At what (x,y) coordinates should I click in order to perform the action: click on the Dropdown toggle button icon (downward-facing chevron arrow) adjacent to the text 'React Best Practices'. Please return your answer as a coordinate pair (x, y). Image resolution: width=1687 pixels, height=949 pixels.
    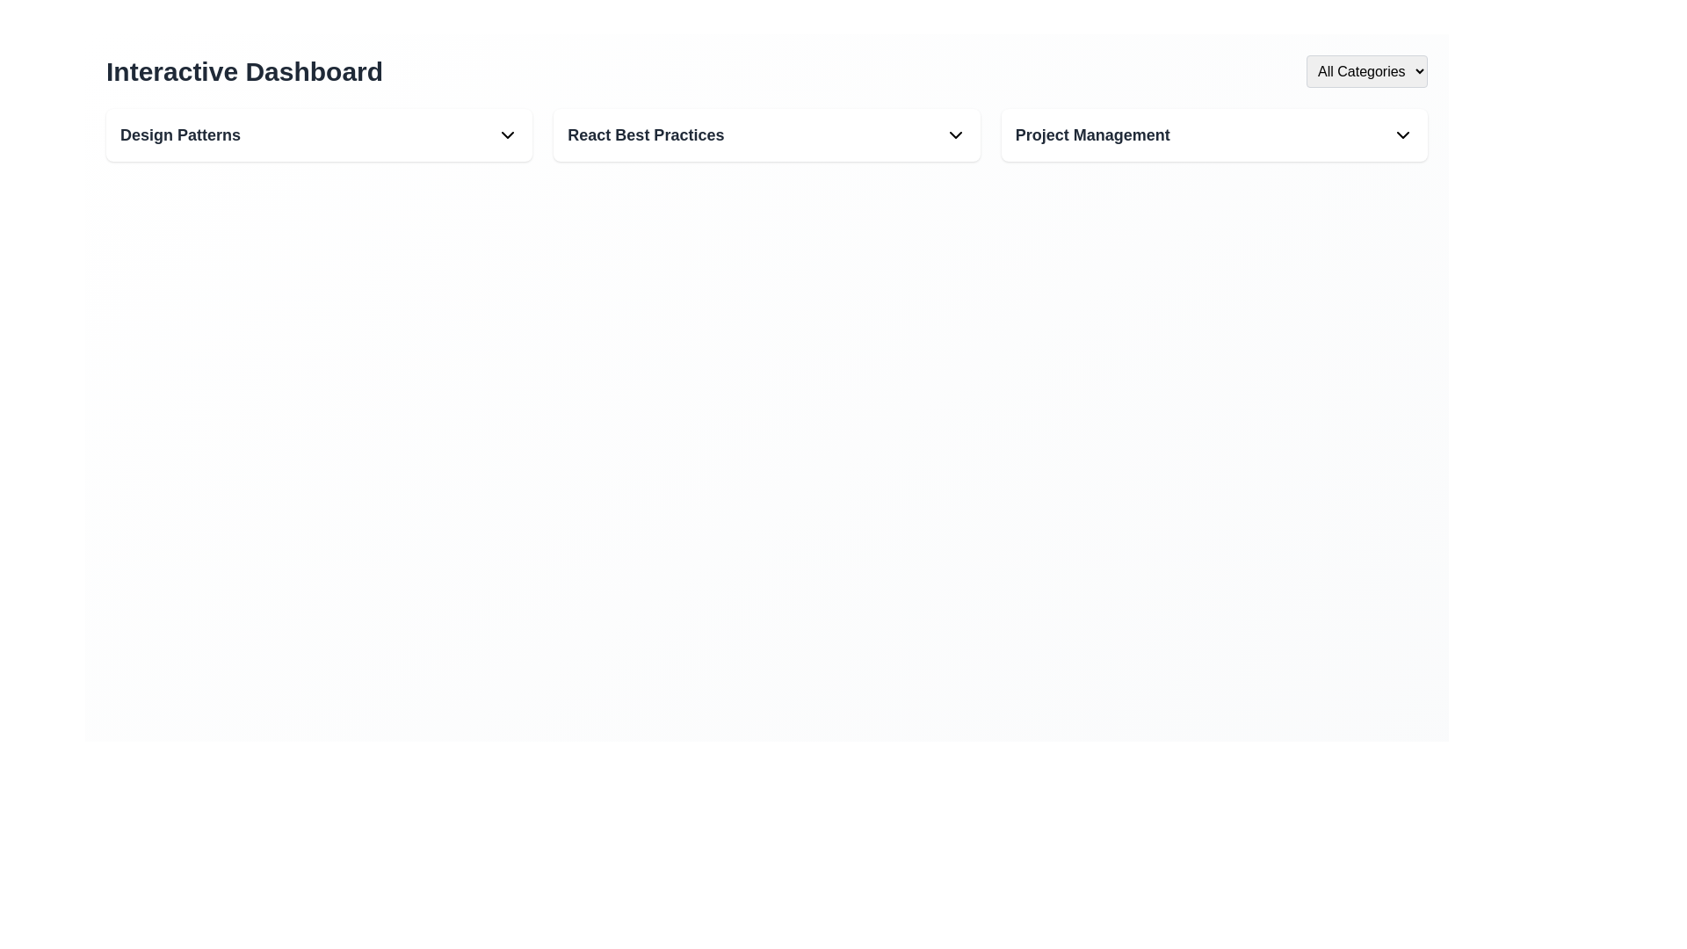
    Looking at the image, I should click on (954, 134).